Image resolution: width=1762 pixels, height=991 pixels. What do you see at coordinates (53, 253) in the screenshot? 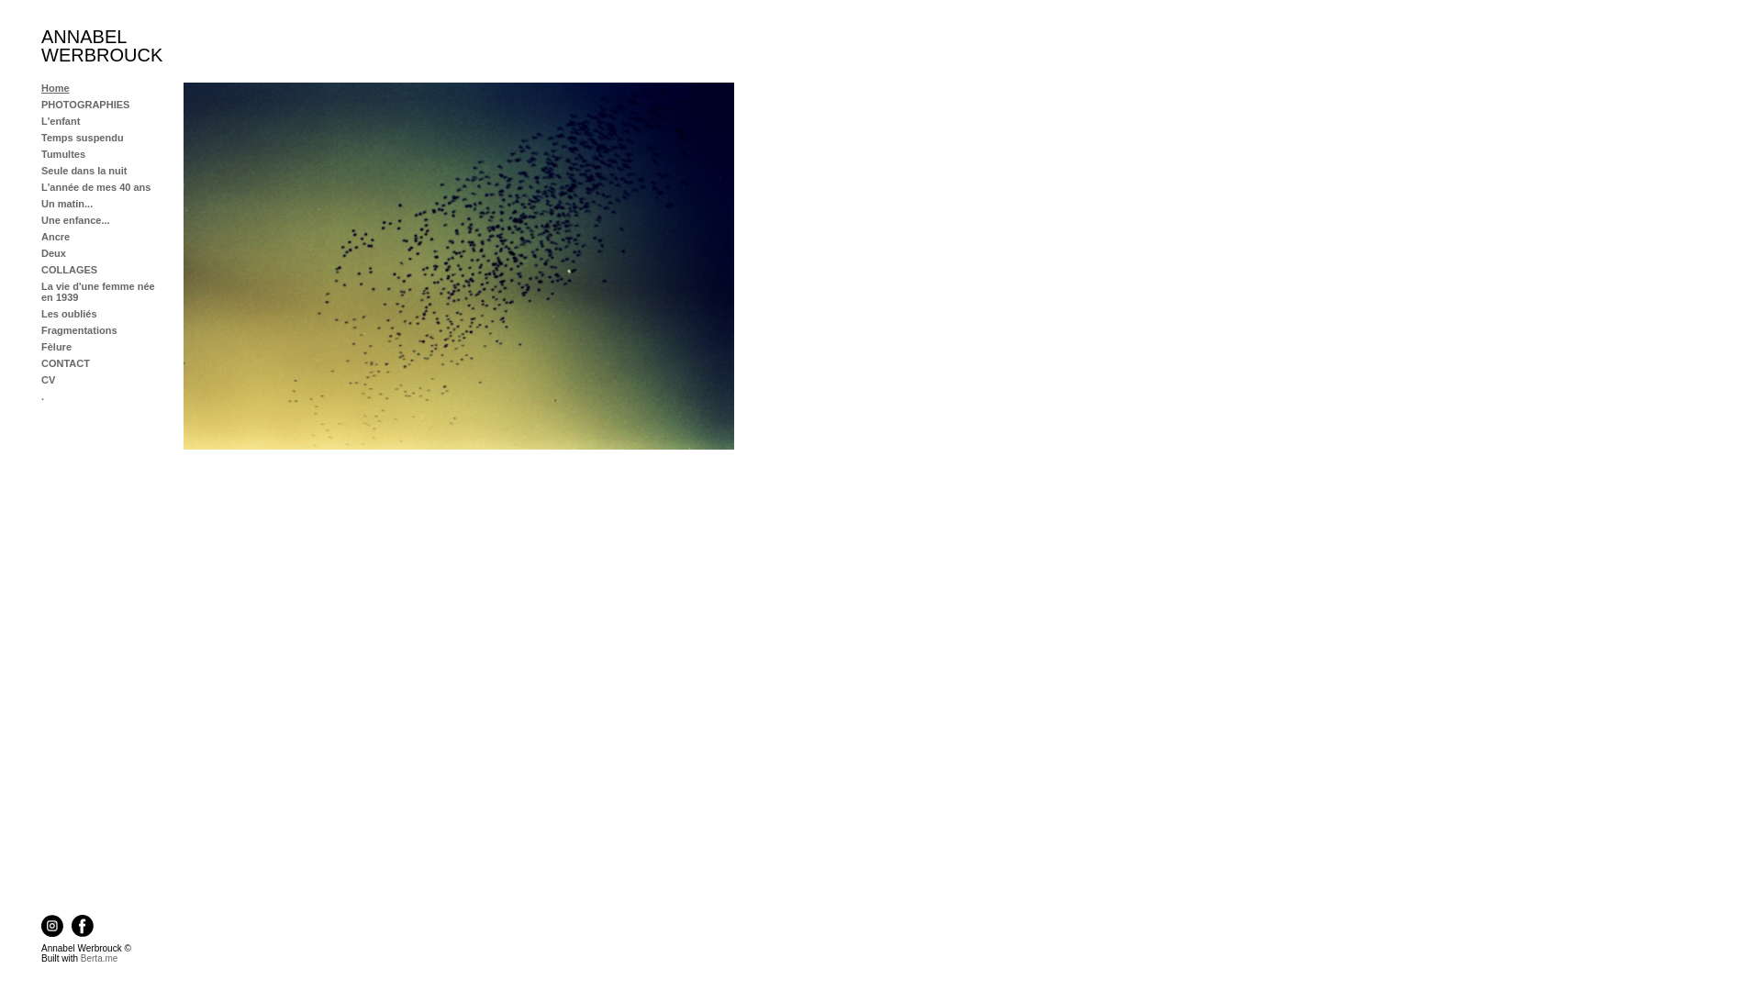
I see `'Deux'` at bounding box center [53, 253].